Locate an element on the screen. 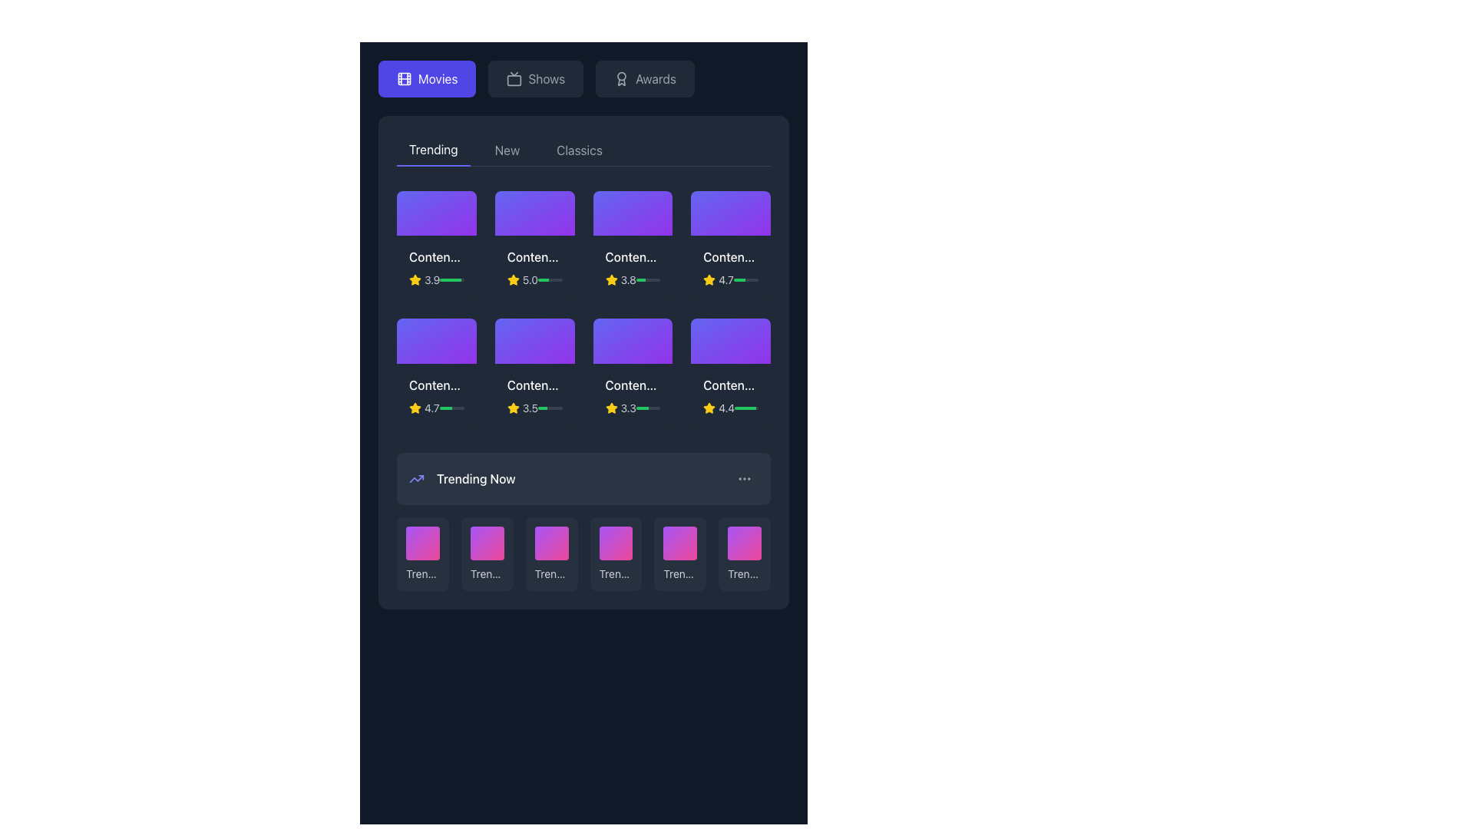  the static text label in the 'Trending' section, which serves as the title or name for the content it represents, located in the second row and fourth column of a grid layout is located at coordinates (534, 384).